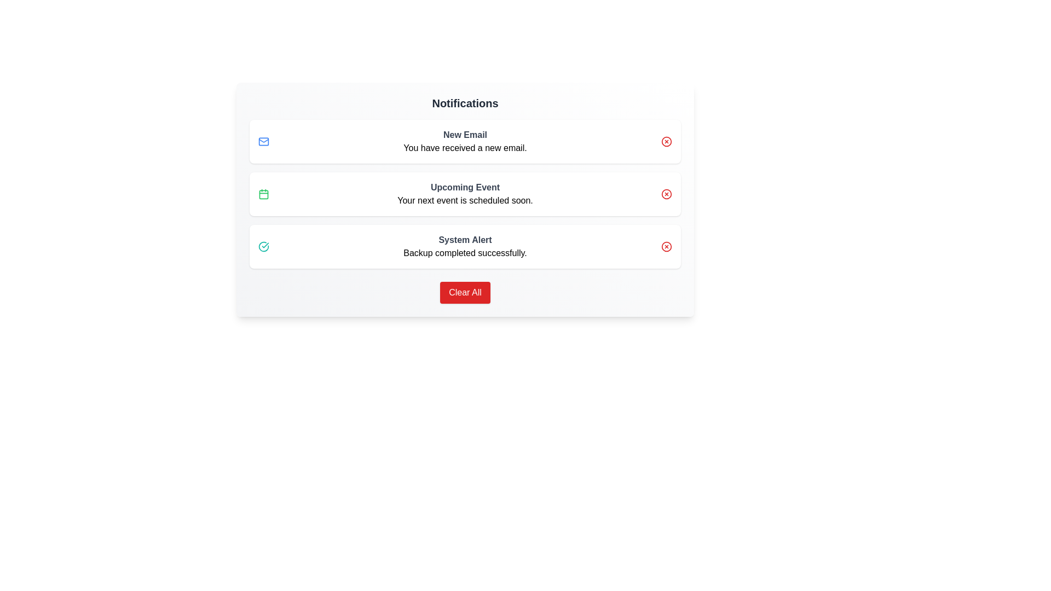  What do you see at coordinates (666, 193) in the screenshot?
I see `the Circle graphic within the SVG element that represents the cancel icon for the second notification in the list of 'Upcoming Event'` at bounding box center [666, 193].